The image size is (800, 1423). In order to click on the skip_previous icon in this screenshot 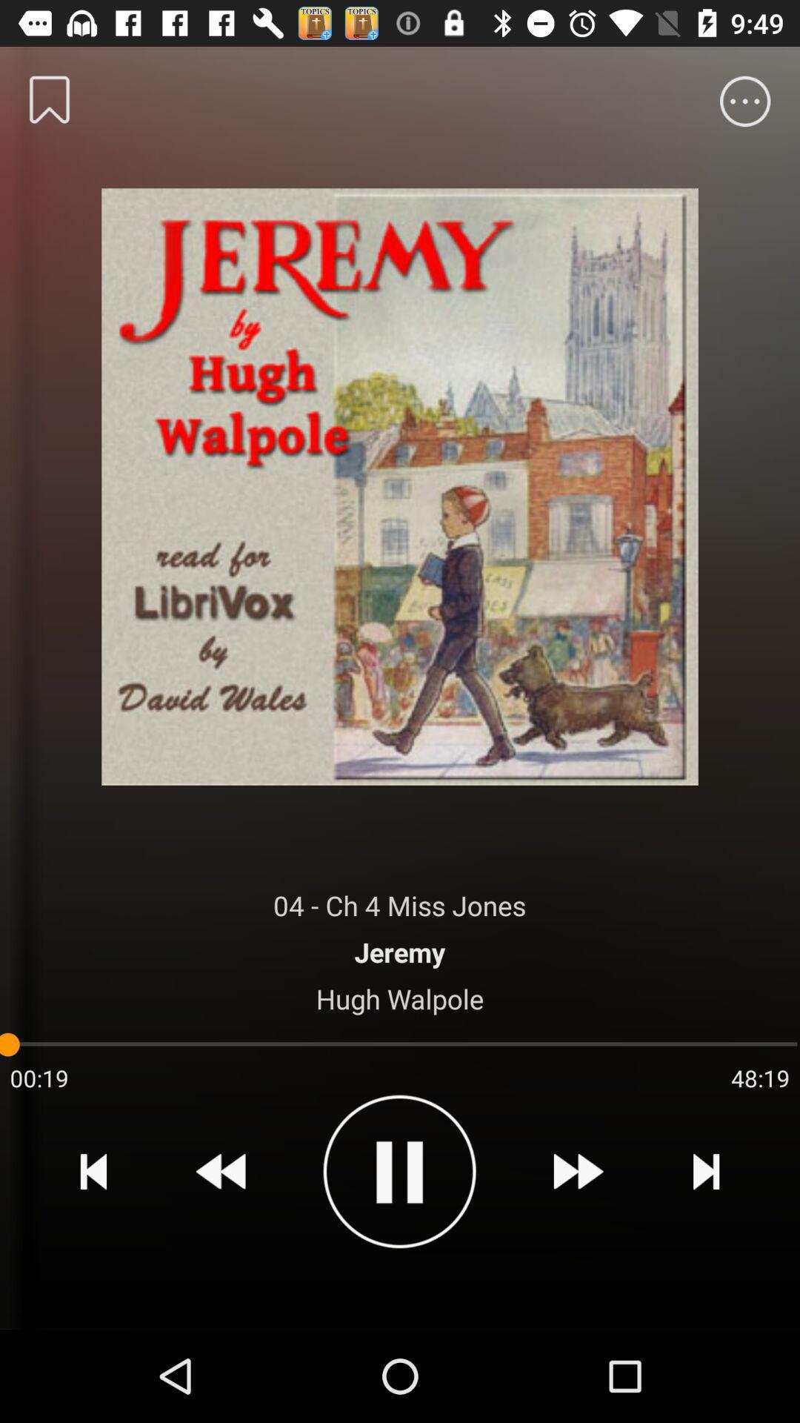, I will do `click(93, 1170)`.